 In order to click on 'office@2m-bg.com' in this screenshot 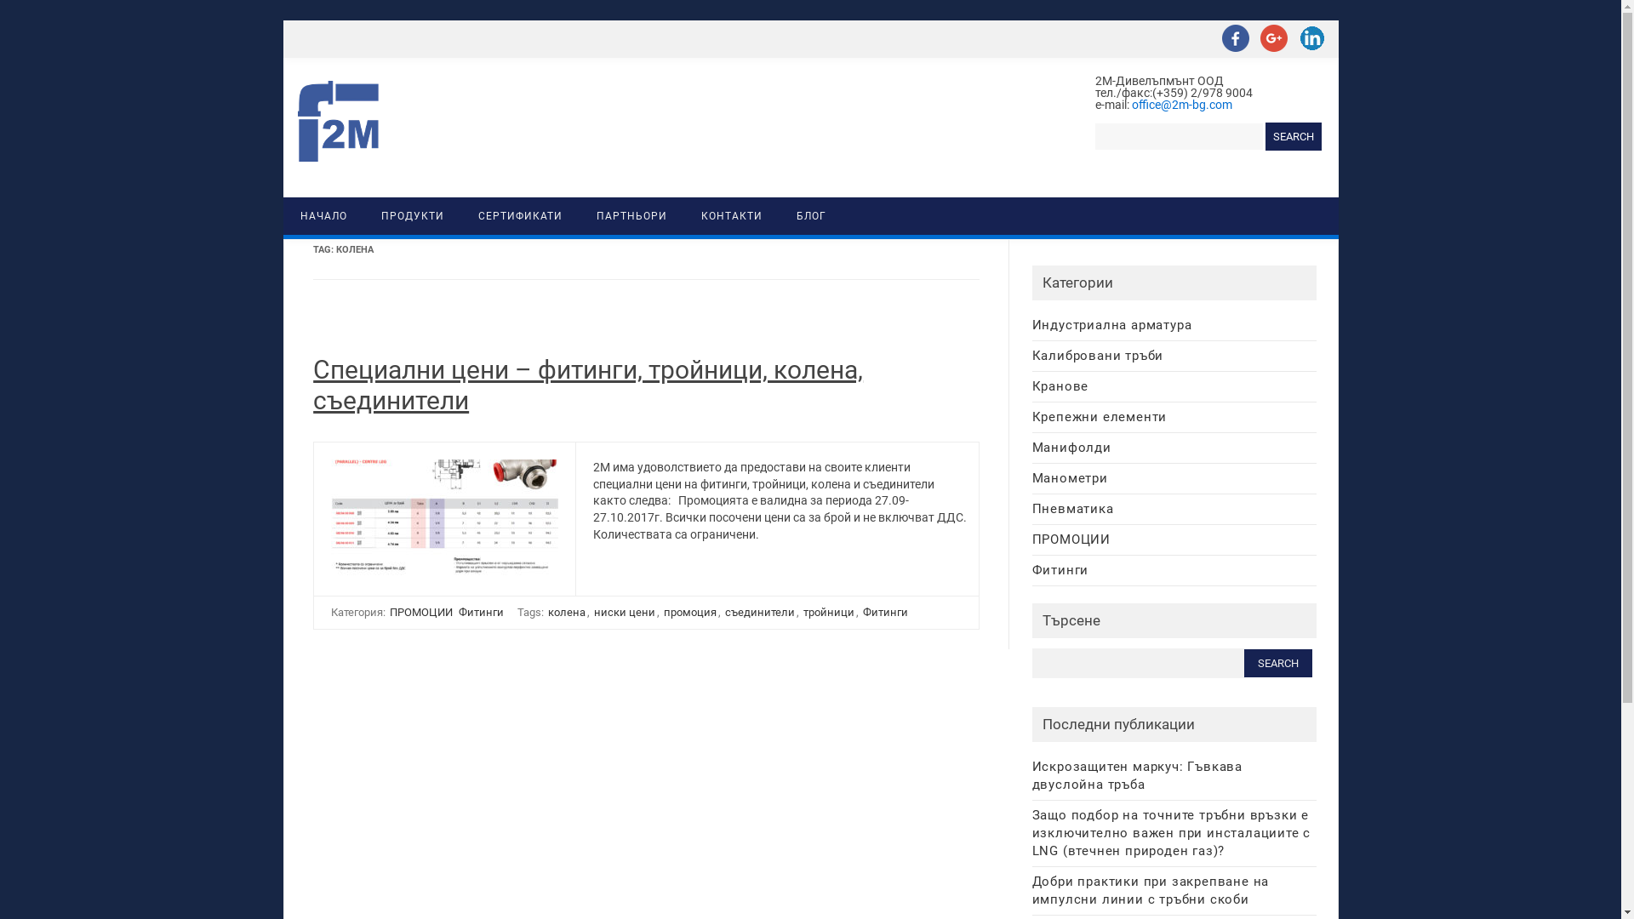, I will do `click(1131, 105)`.